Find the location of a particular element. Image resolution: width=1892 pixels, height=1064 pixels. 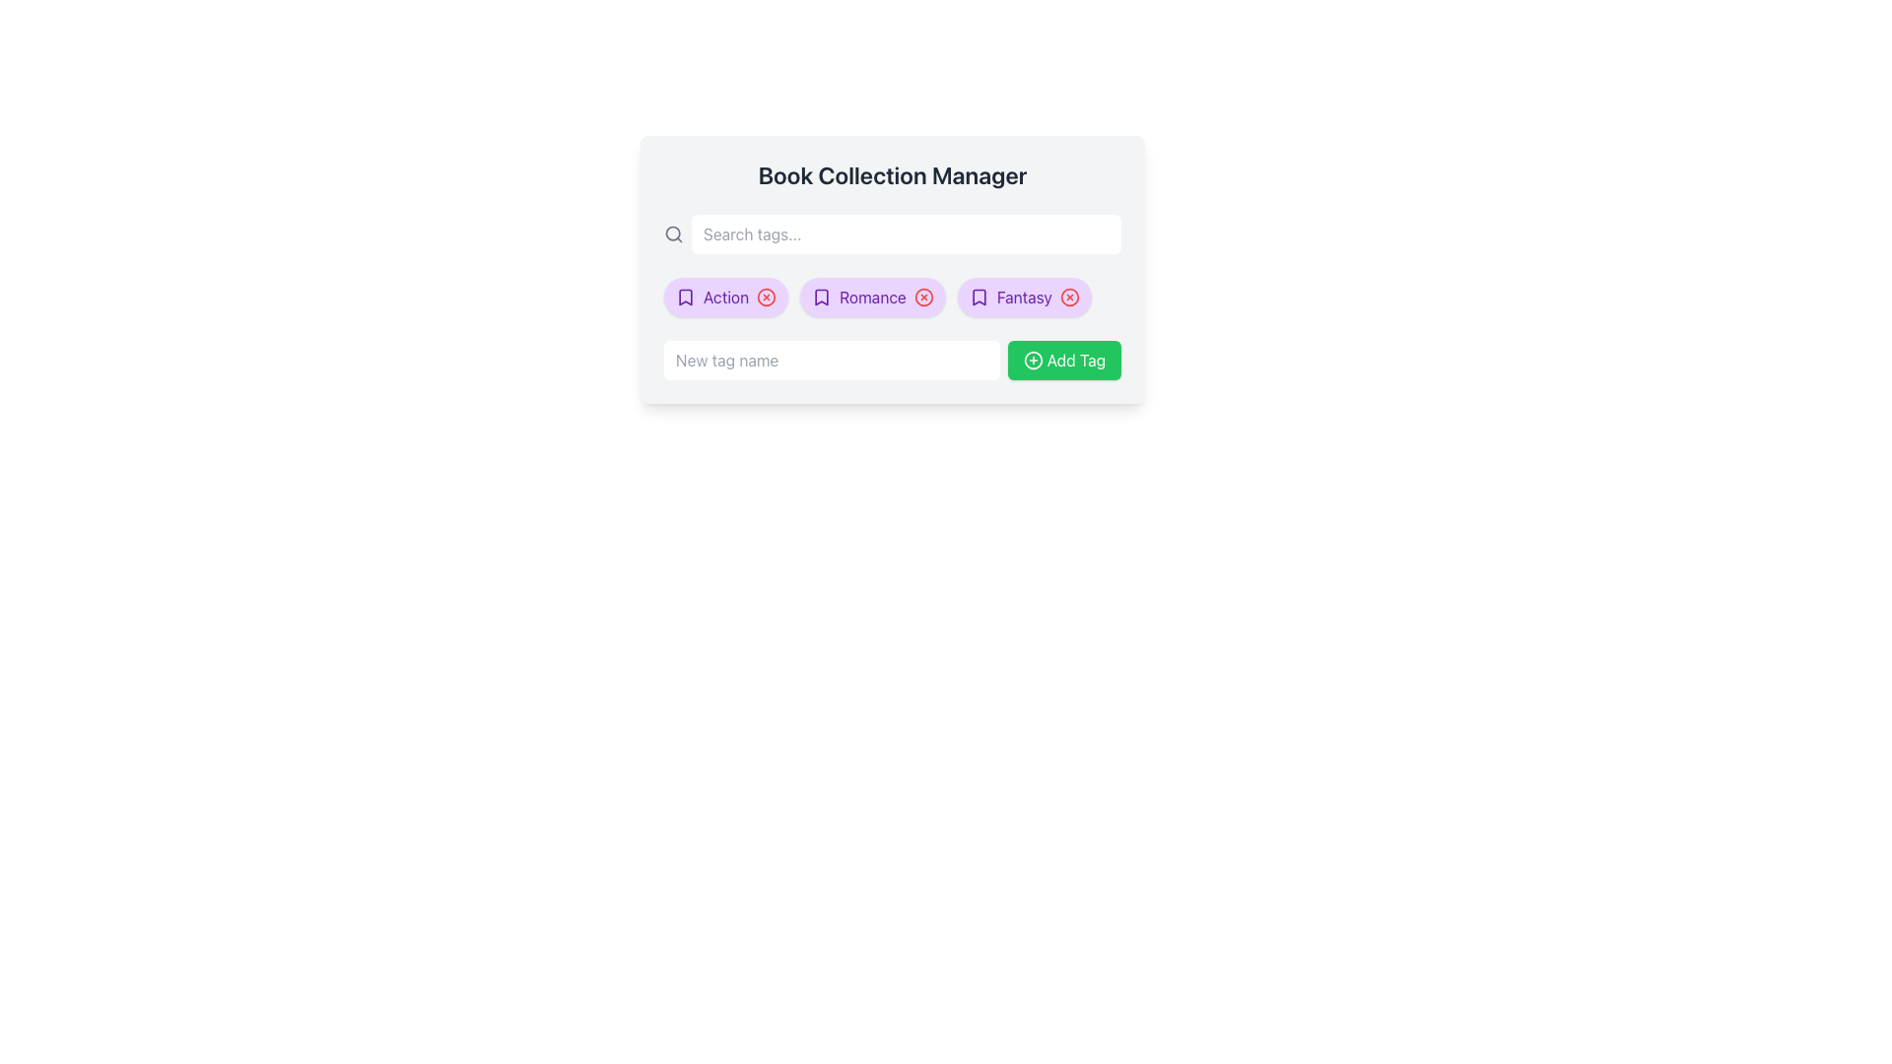

the red 'x' icon is located at coordinates (1024, 297).